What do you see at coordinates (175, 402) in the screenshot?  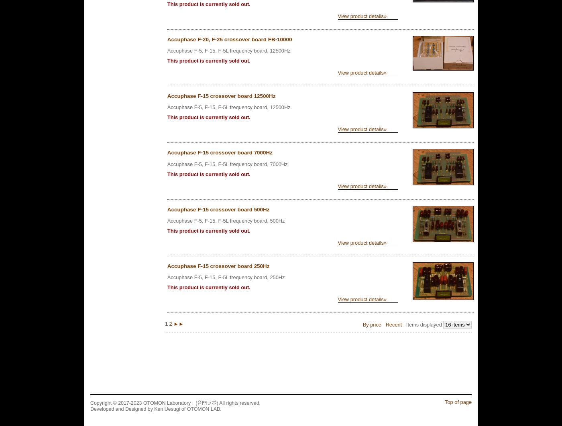 I see `'Copyright ©
            2017-2023
            OTOMON Laboratory　(音門ラボ) All rights reserved.'` at bounding box center [175, 402].